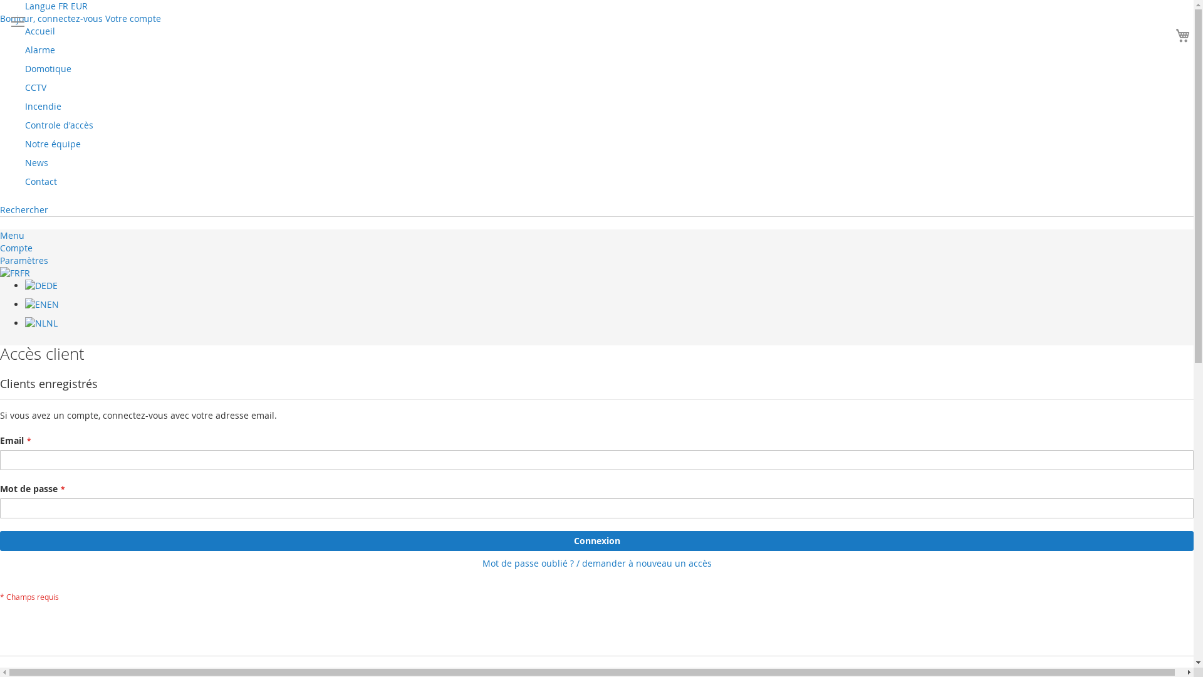 The image size is (1203, 677). I want to click on 'Langue FR EUR', so click(56, 6).